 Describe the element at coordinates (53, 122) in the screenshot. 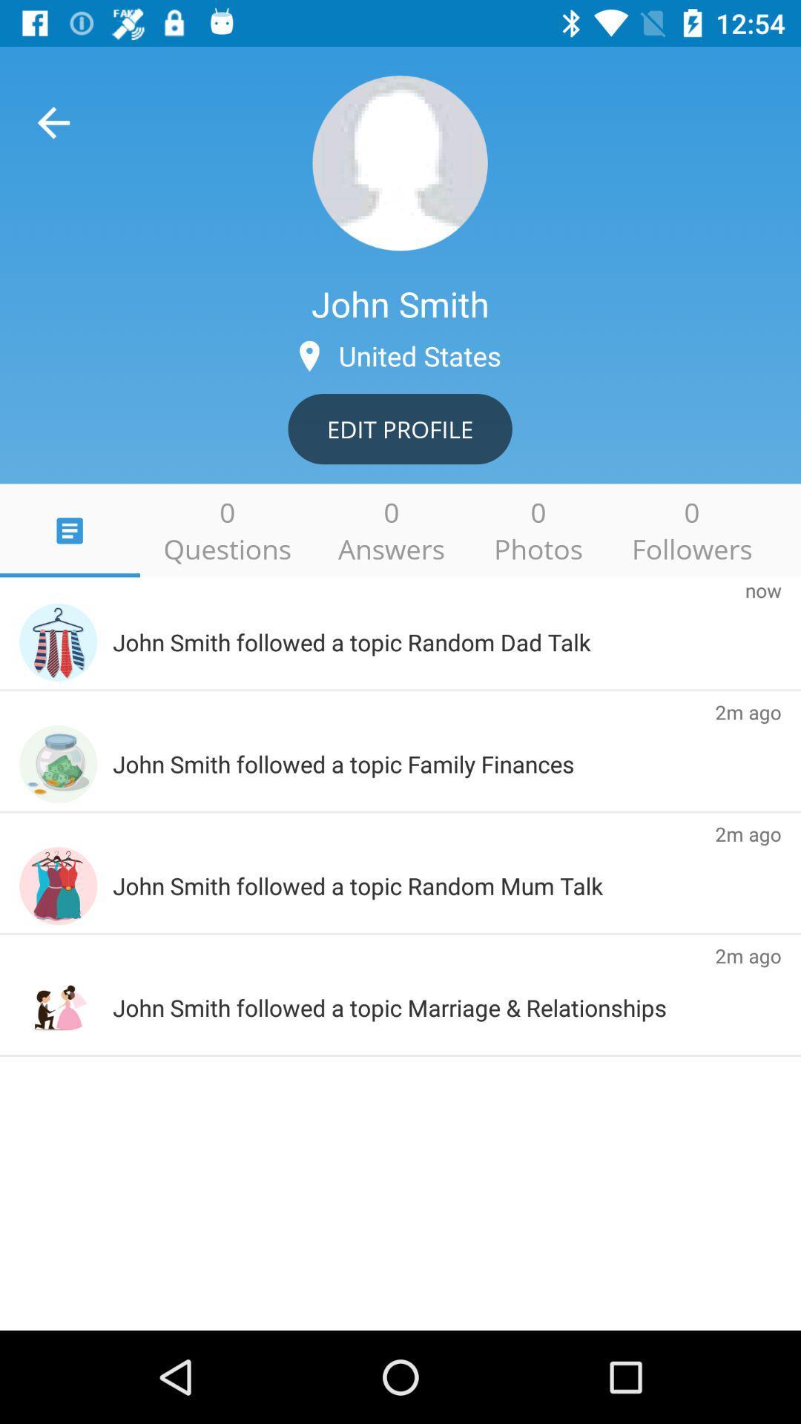

I see `the arrow_backward icon` at that location.